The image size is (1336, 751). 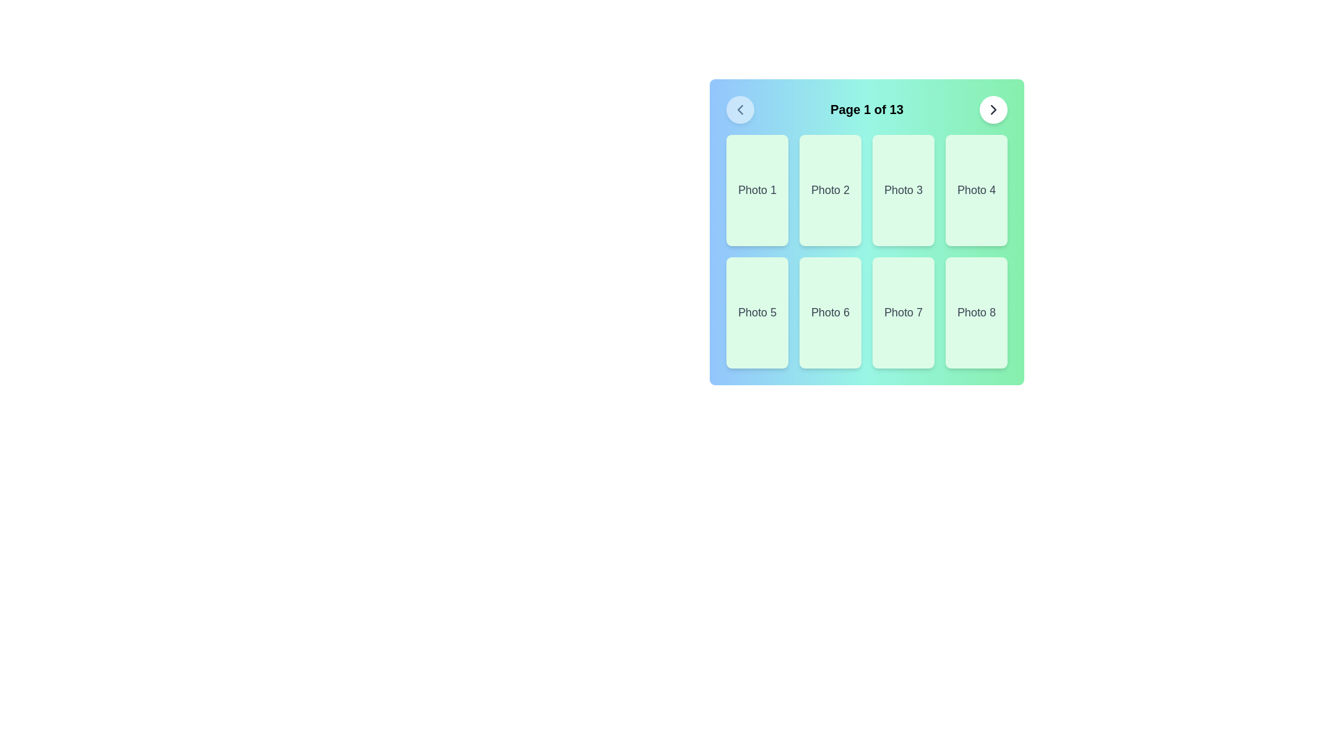 What do you see at coordinates (903, 190) in the screenshot?
I see `the 'Photo 3' static content card, which is the third card in a grid layout of photo cards located in the top row` at bounding box center [903, 190].